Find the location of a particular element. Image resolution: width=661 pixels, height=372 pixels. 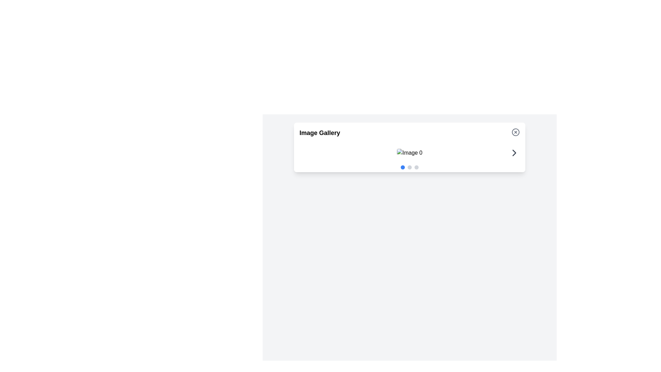

the second light gray Navigation Dot below the 'Image Gallery' image is located at coordinates (410, 167).